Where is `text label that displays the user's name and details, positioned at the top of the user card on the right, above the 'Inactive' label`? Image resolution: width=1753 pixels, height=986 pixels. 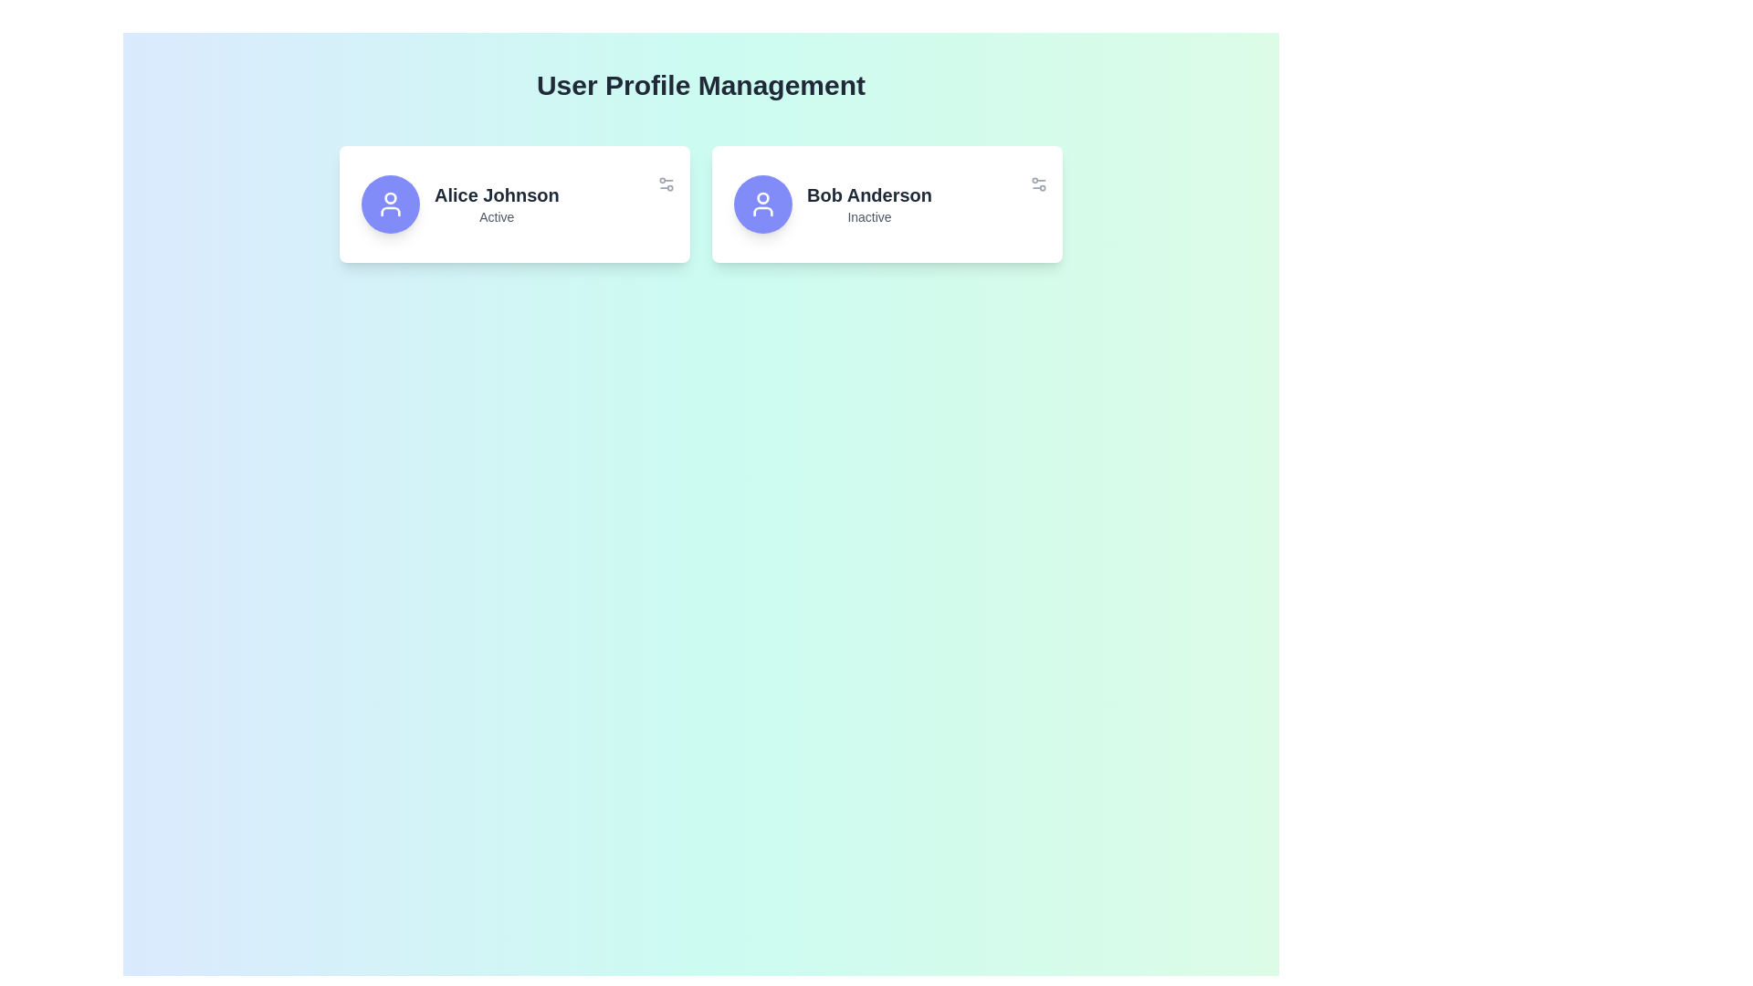 text label that displays the user's name and details, positioned at the top of the user card on the right, above the 'Inactive' label is located at coordinates (868, 194).